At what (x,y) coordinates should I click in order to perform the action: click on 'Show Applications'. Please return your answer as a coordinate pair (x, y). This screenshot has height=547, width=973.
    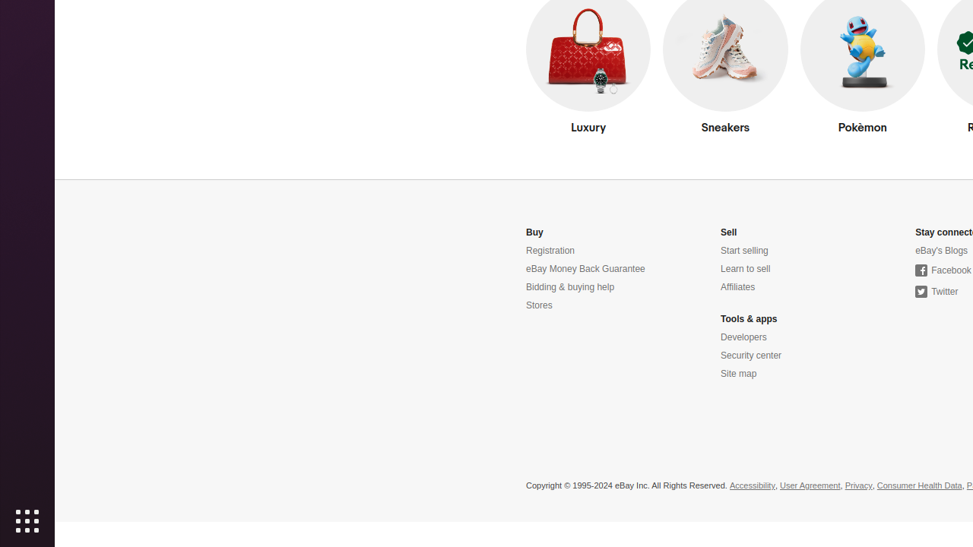
    Looking at the image, I should click on (27, 520).